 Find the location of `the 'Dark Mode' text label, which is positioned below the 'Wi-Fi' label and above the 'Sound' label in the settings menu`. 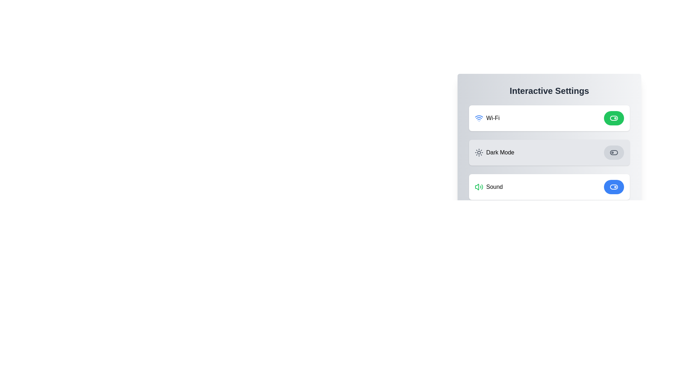

the 'Dark Mode' text label, which is positioned below the 'Wi-Fi' label and above the 'Sound' label in the settings menu is located at coordinates (500, 152).